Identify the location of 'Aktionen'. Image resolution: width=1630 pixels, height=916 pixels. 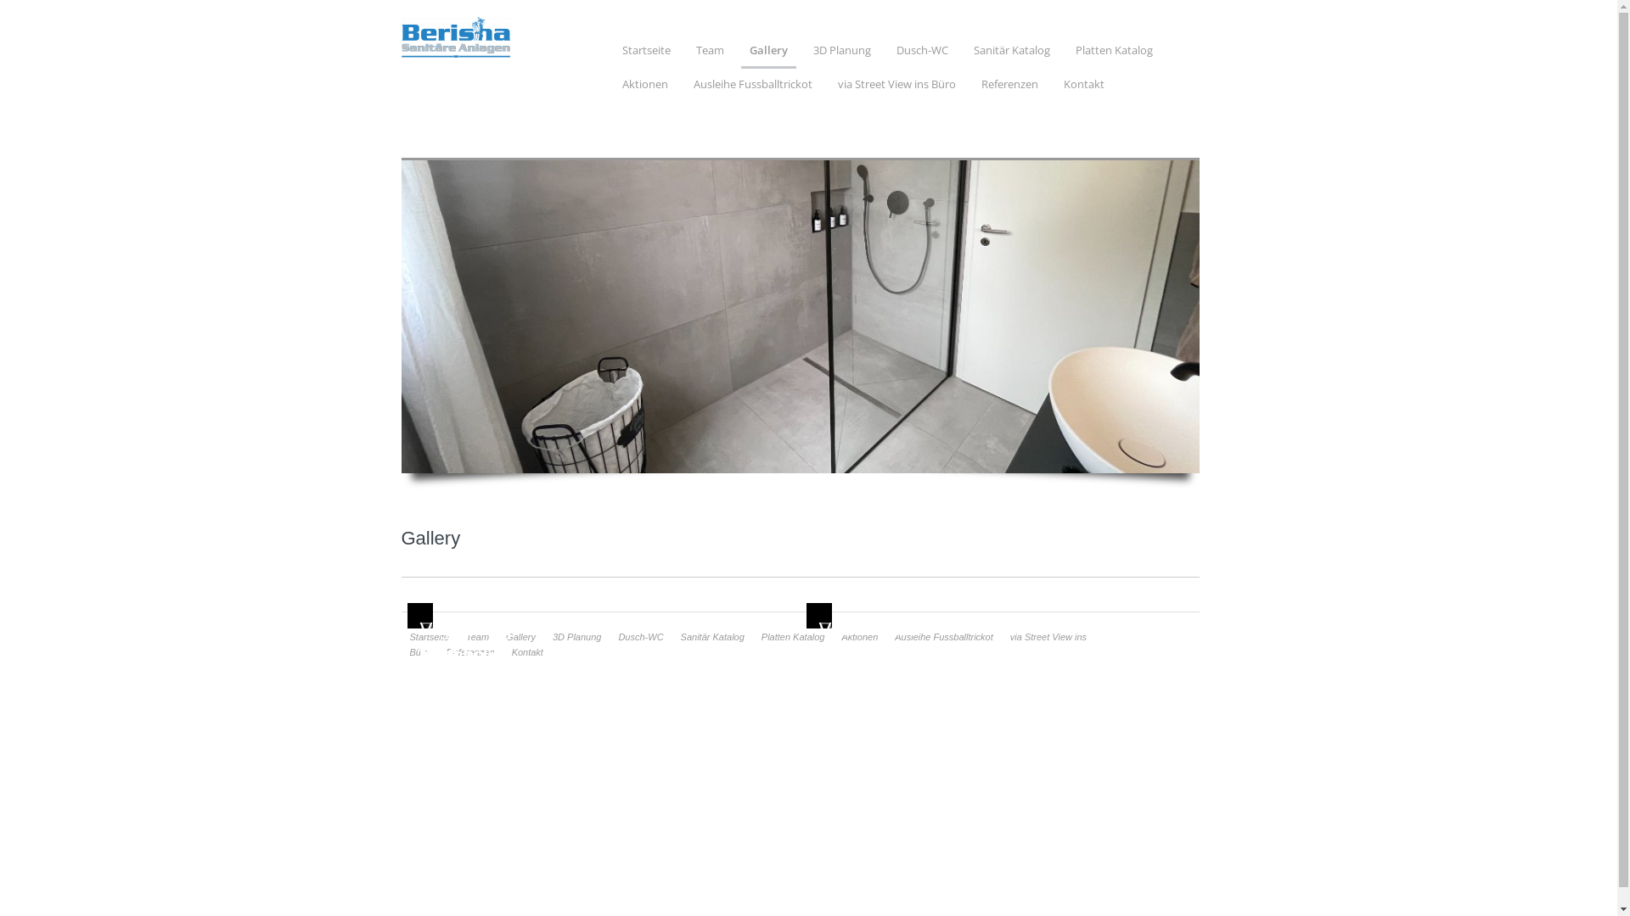
(859, 637).